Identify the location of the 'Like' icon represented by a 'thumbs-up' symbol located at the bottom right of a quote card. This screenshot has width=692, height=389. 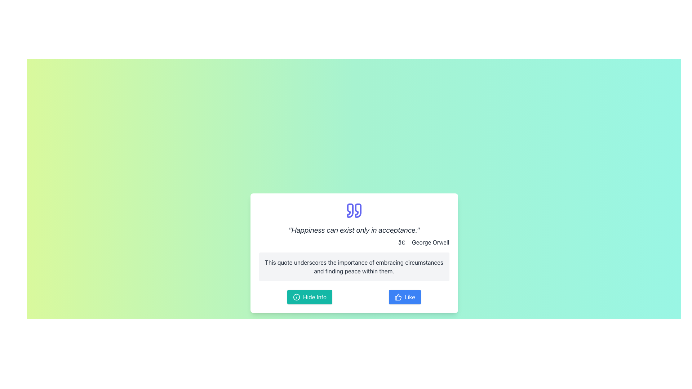
(398, 297).